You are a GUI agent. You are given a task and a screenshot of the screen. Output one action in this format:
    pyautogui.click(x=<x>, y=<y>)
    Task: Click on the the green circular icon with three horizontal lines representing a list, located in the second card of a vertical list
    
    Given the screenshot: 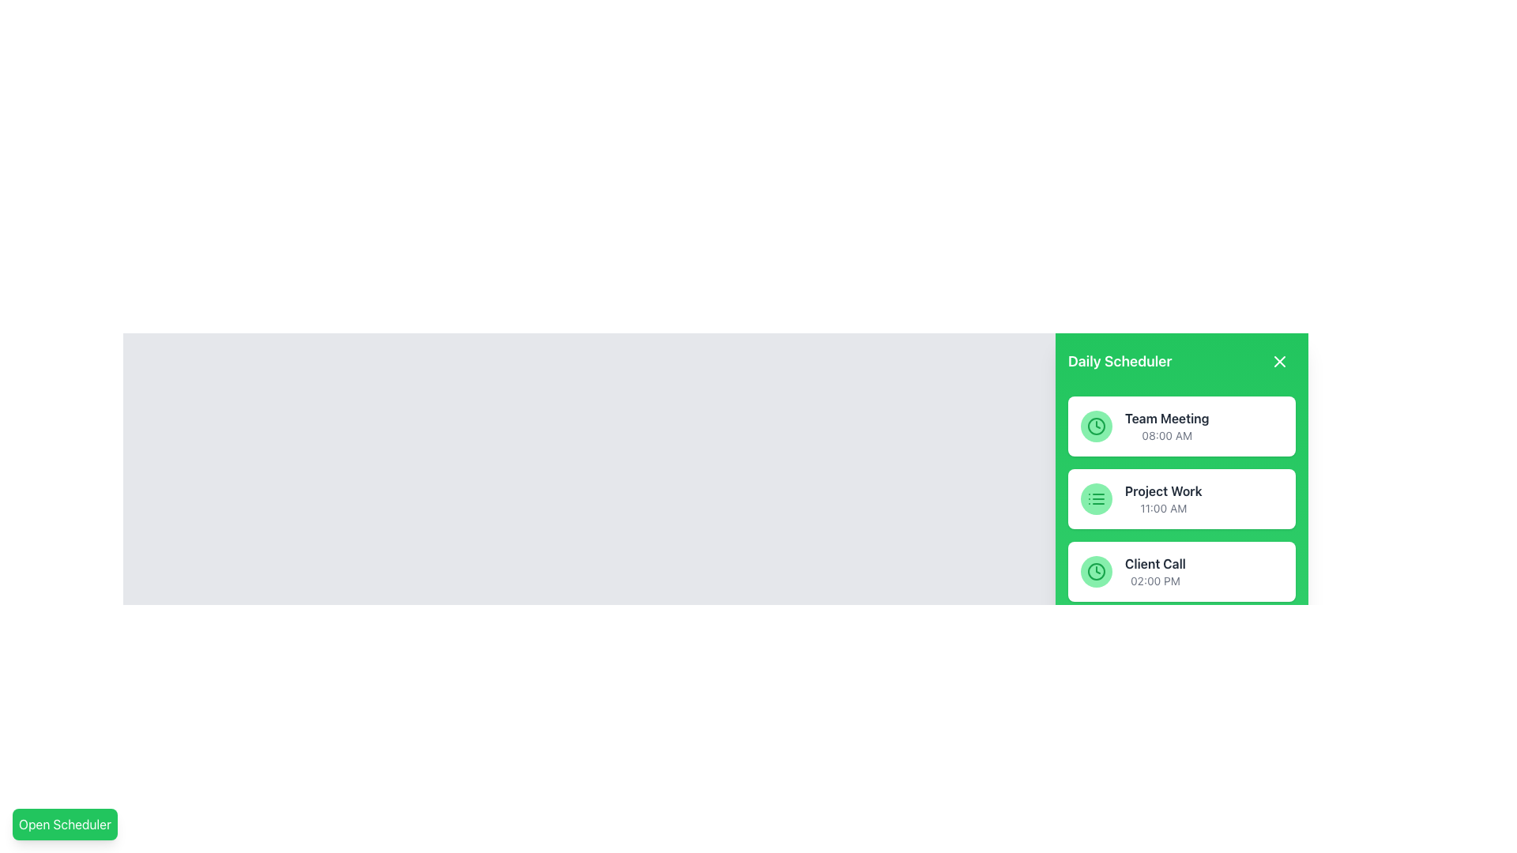 What is the action you would take?
    pyautogui.click(x=1095, y=499)
    